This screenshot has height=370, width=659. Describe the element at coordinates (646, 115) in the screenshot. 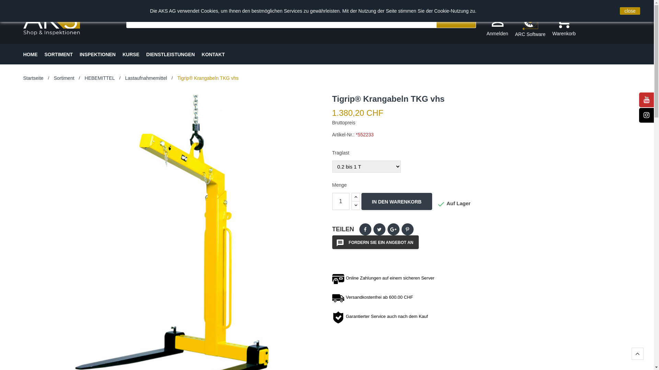

I see `'Instagram'` at that location.